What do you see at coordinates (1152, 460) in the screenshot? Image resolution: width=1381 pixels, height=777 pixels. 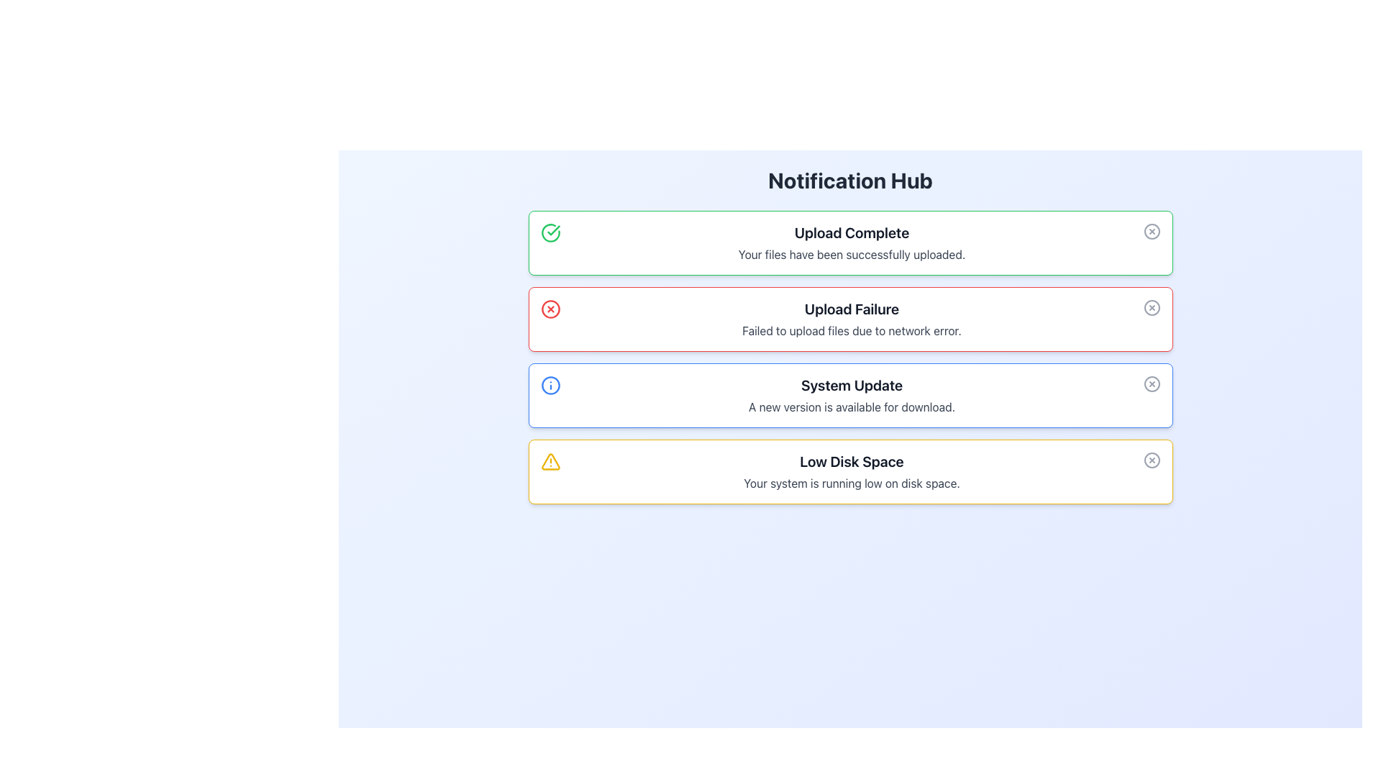 I see `the close button located at the top-right corner of the 'Low Disk Space' notification card` at bounding box center [1152, 460].